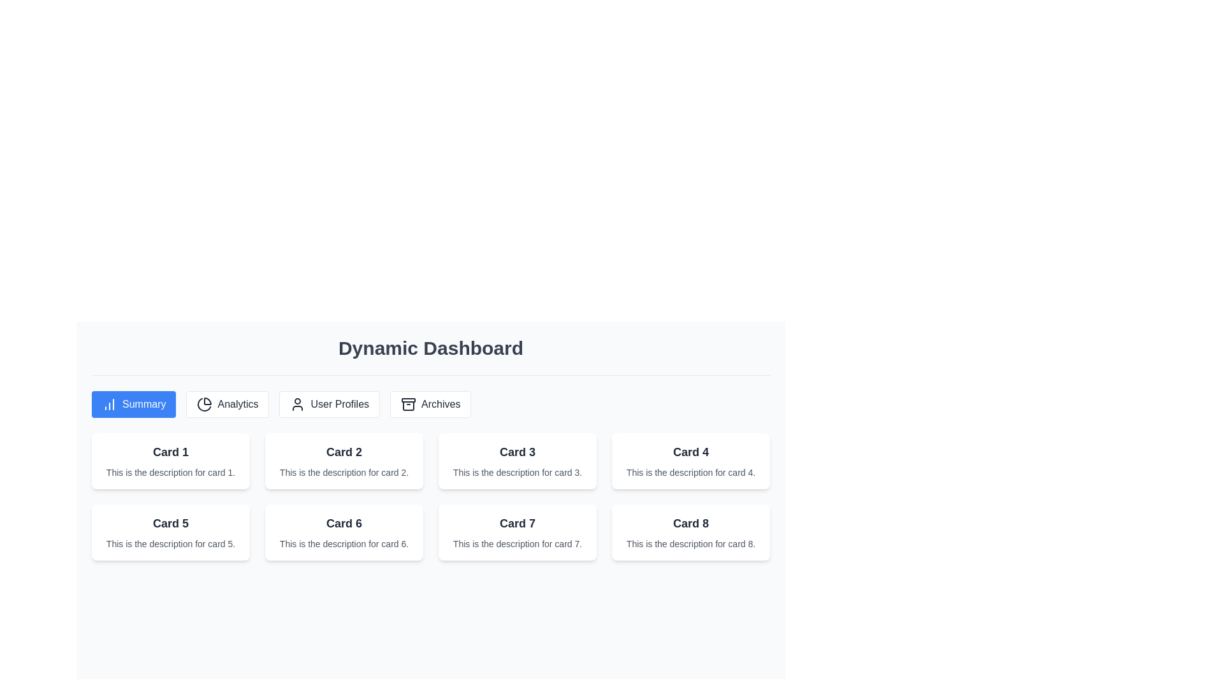 Image resolution: width=1224 pixels, height=688 pixels. I want to click on the SVG Icon located within the 'Summary' button at the top left of the dashboard interface, so click(110, 405).